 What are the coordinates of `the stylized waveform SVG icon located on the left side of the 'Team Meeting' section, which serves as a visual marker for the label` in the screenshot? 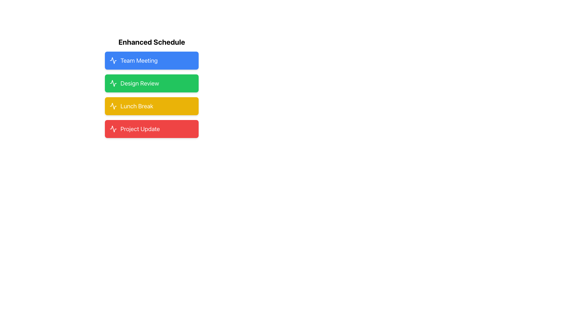 It's located at (113, 60).